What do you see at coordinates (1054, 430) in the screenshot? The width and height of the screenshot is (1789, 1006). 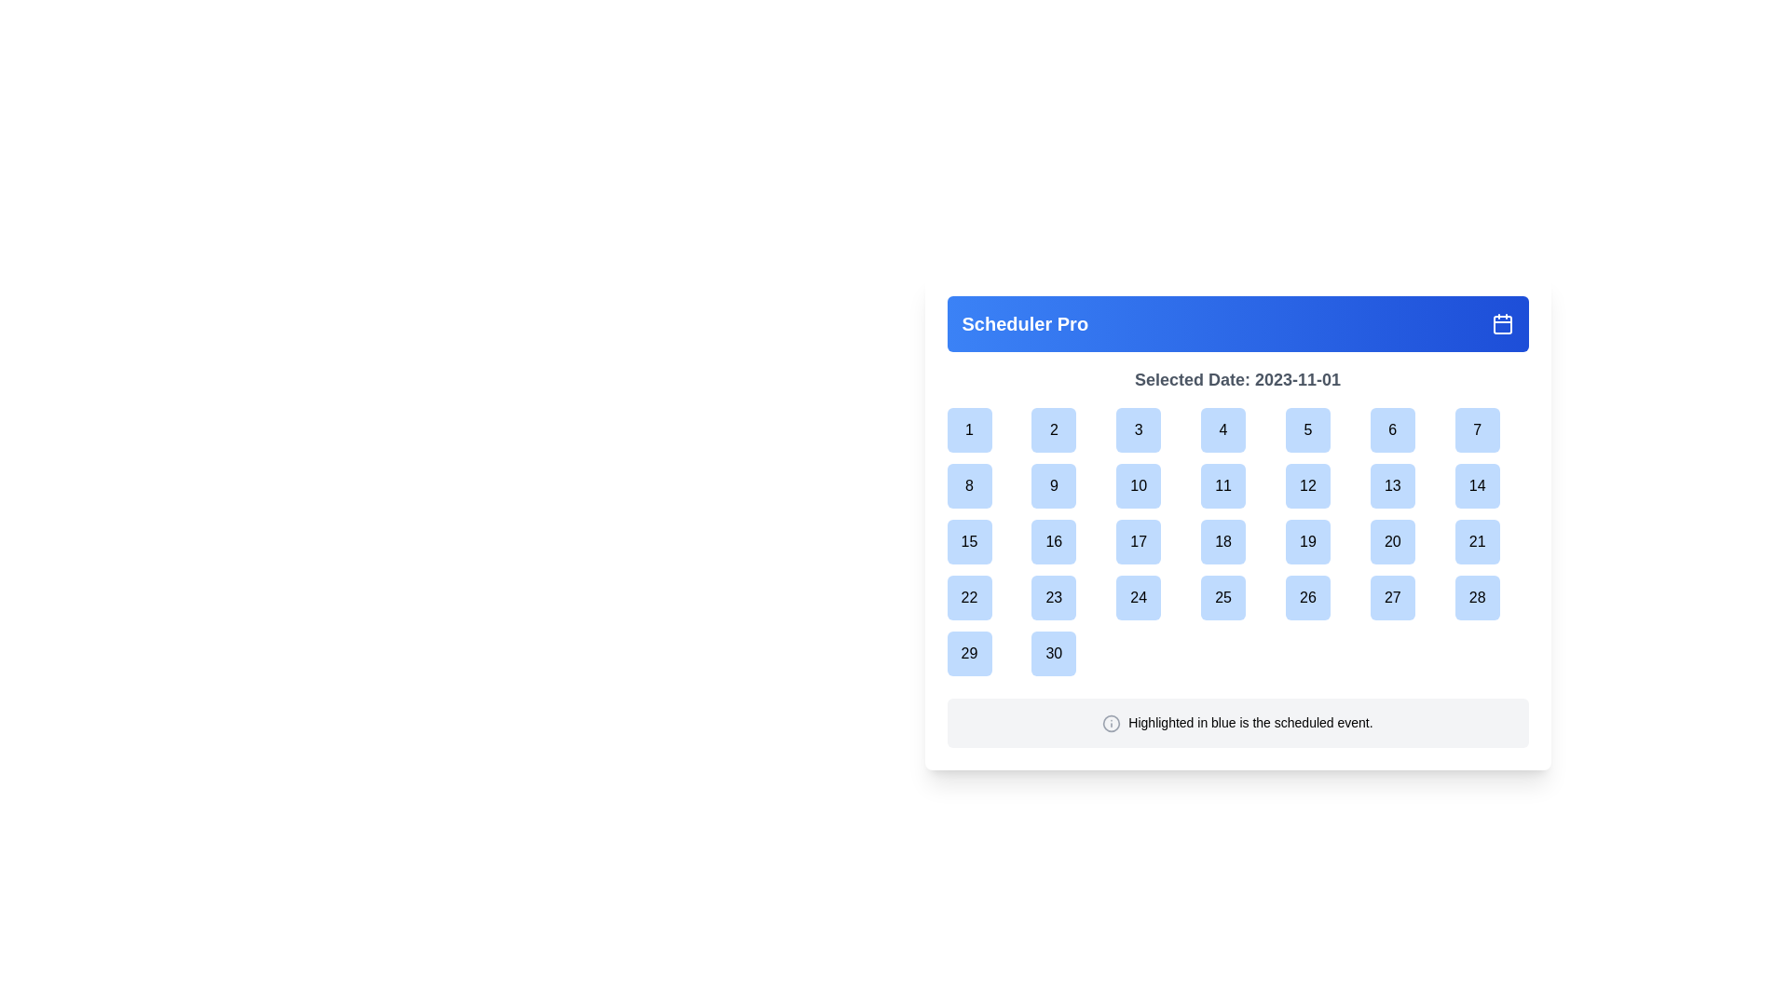 I see `the square button with a light blue background, rounded corners, and the number '2' in bold black text, which is the second button in the first row of the calendar grid` at bounding box center [1054, 430].